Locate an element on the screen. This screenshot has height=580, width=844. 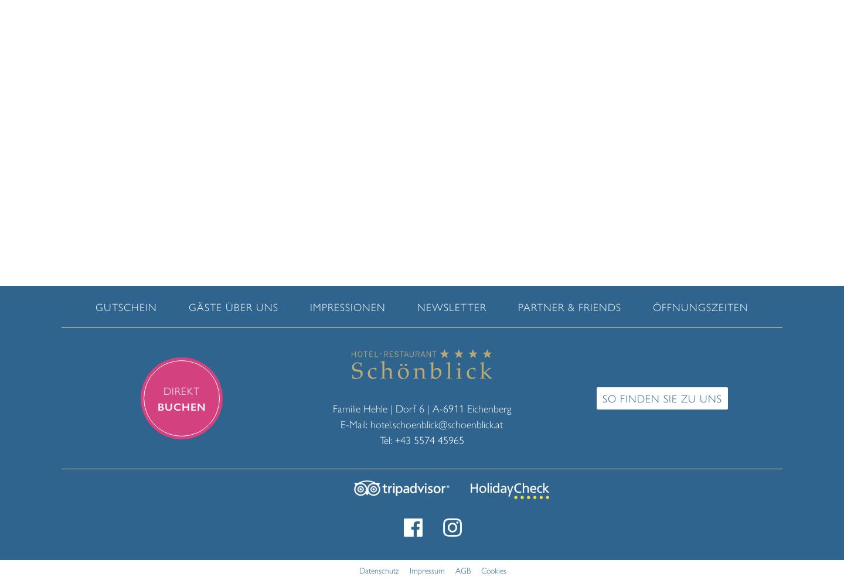
'+43 5574 45965' is located at coordinates (428, 439).